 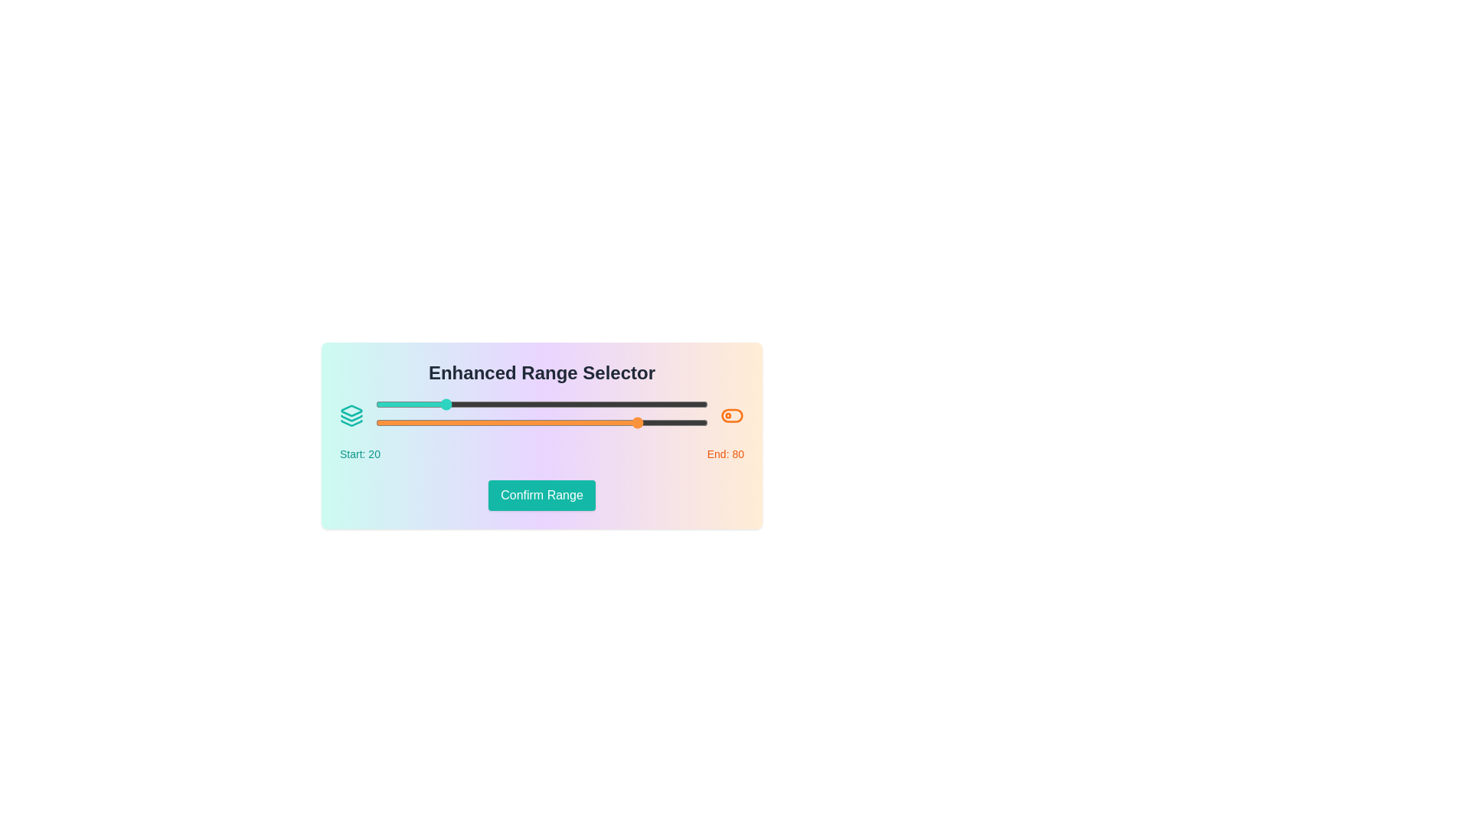 What do you see at coordinates (351, 410) in the screenshot?
I see `the topmost triangular icon element, which is teal and located in the top-left corner of the interface` at bounding box center [351, 410].